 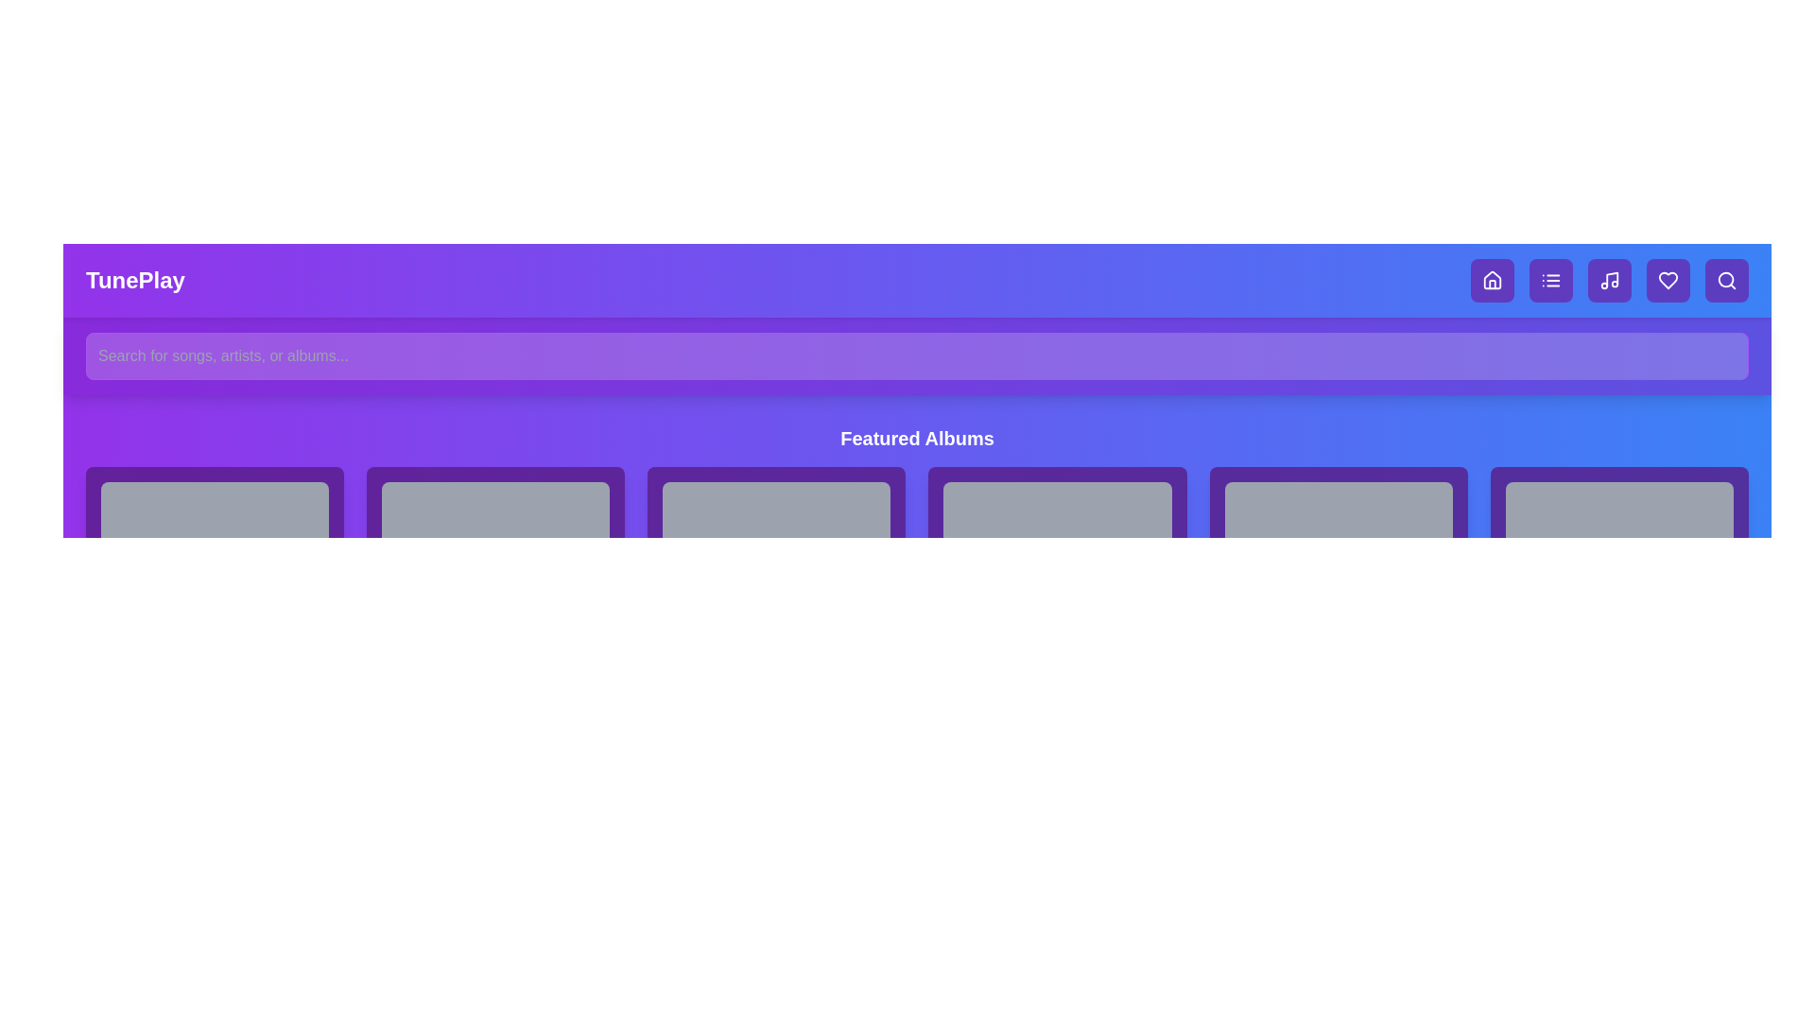 I want to click on the navigation button for search, so click(x=1727, y=281).